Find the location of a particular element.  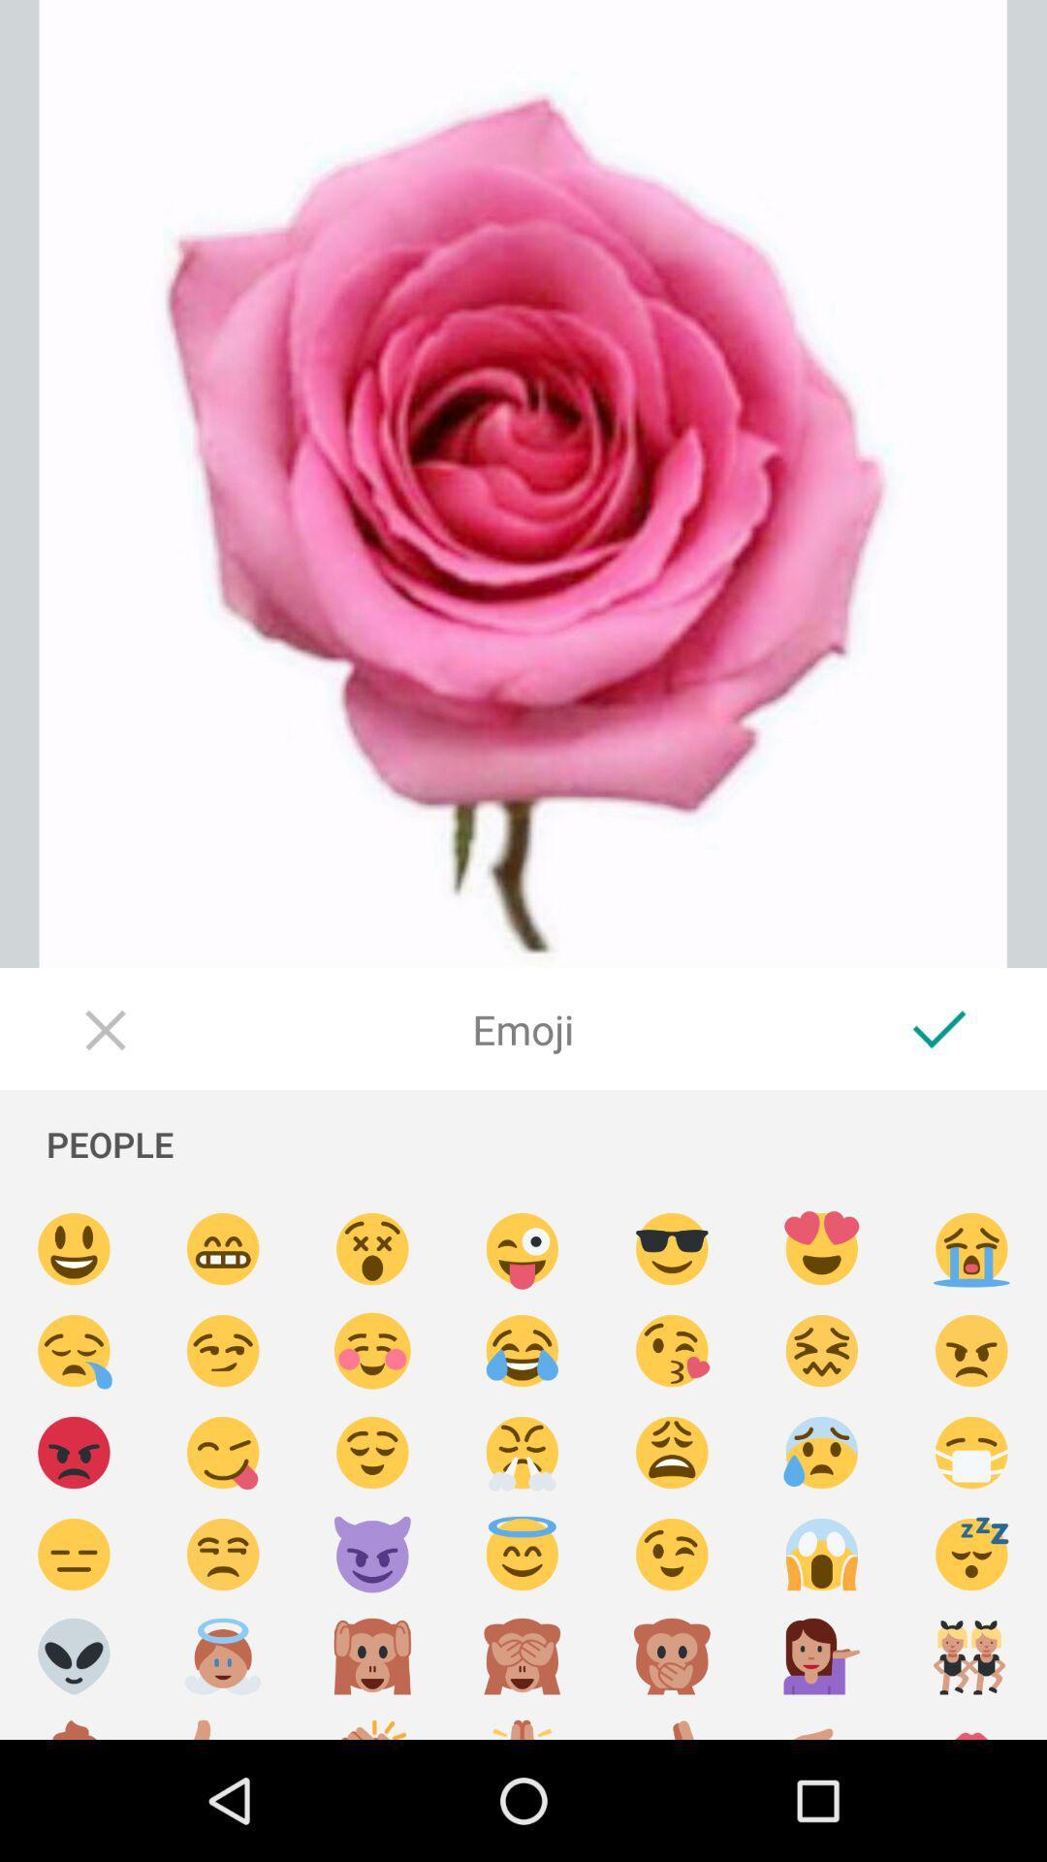

angry emoji is located at coordinates (971, 1350).